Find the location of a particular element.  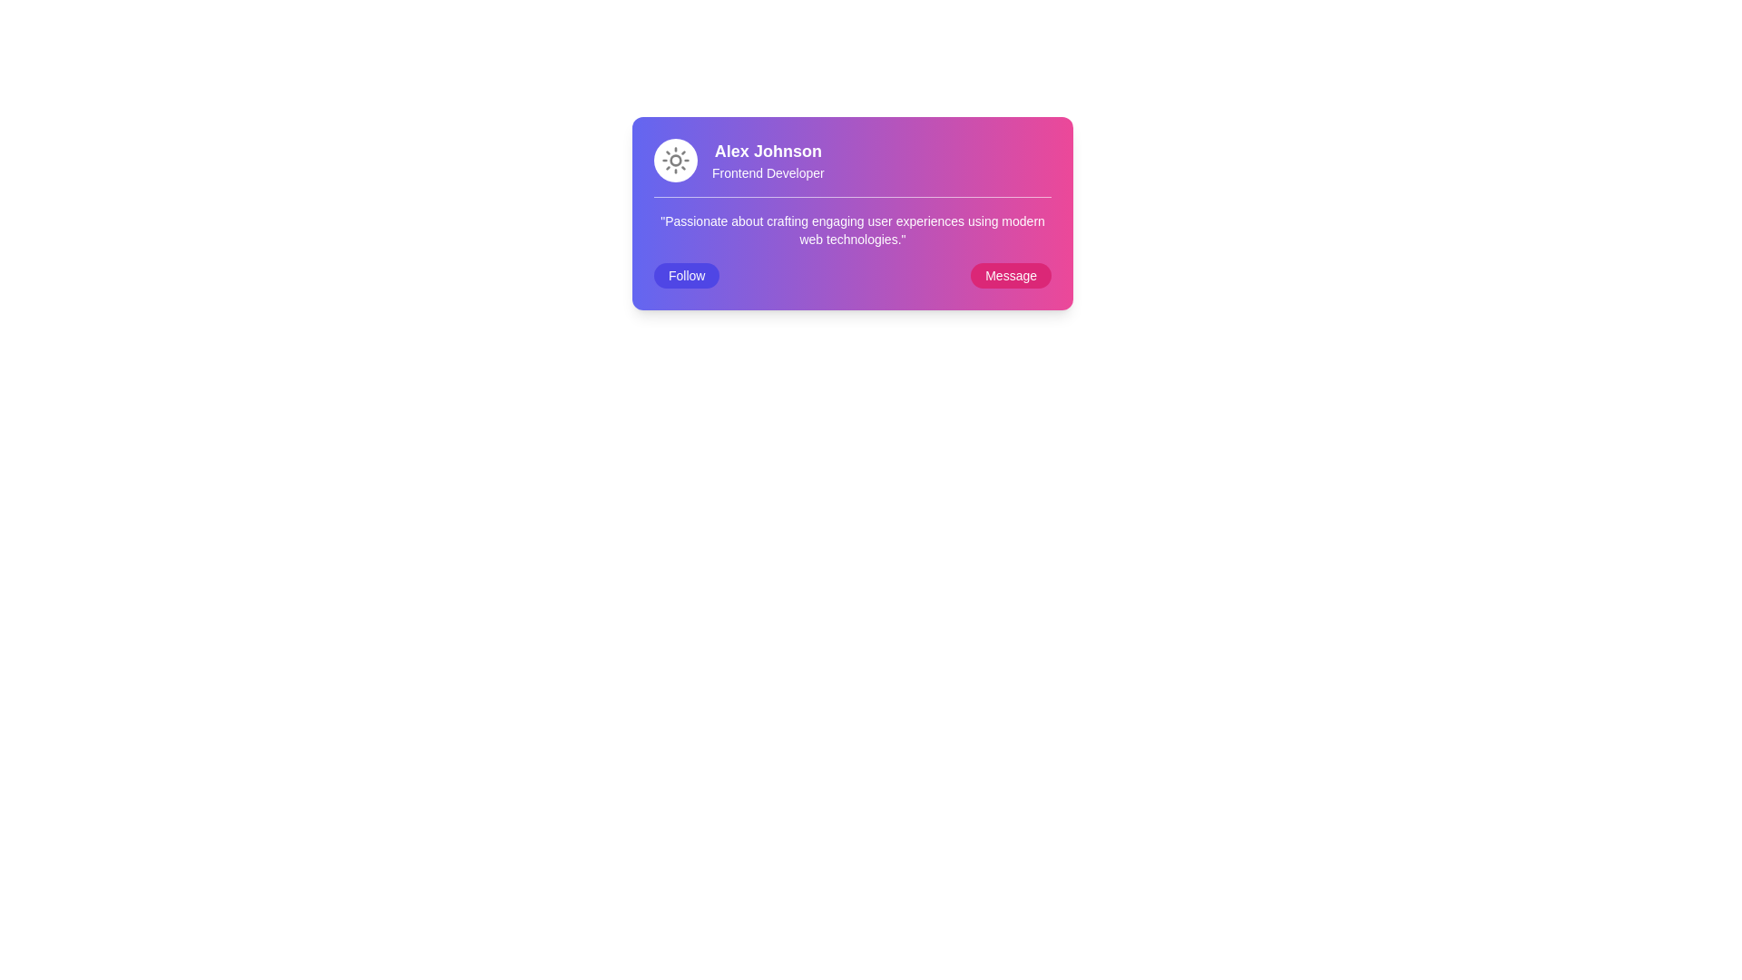

the rounded 'Message' button with a vibrant pink background to initiate a messaging action is located at coordinates (1010, 276).